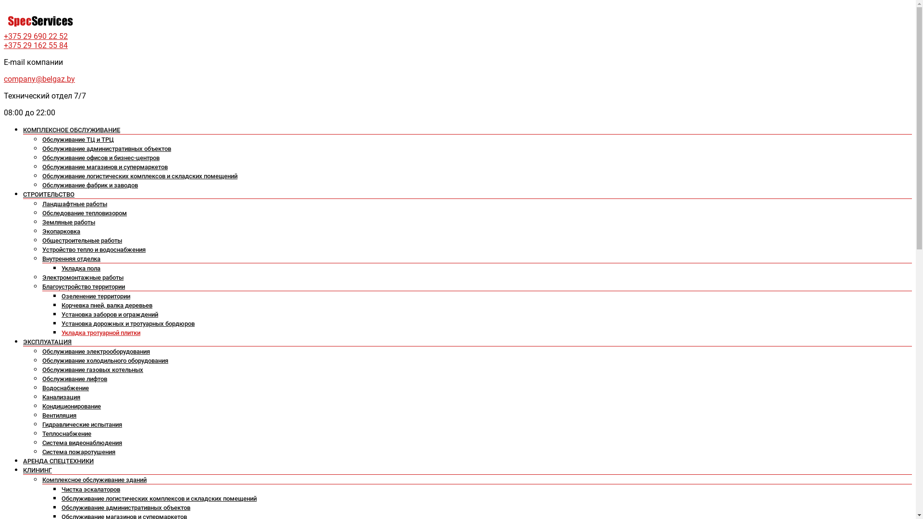 The image size is (923, 519). Describe the element at coordinates (36, 45) in the screenshot. I see `'+375 29 162 55 84'` at that location.